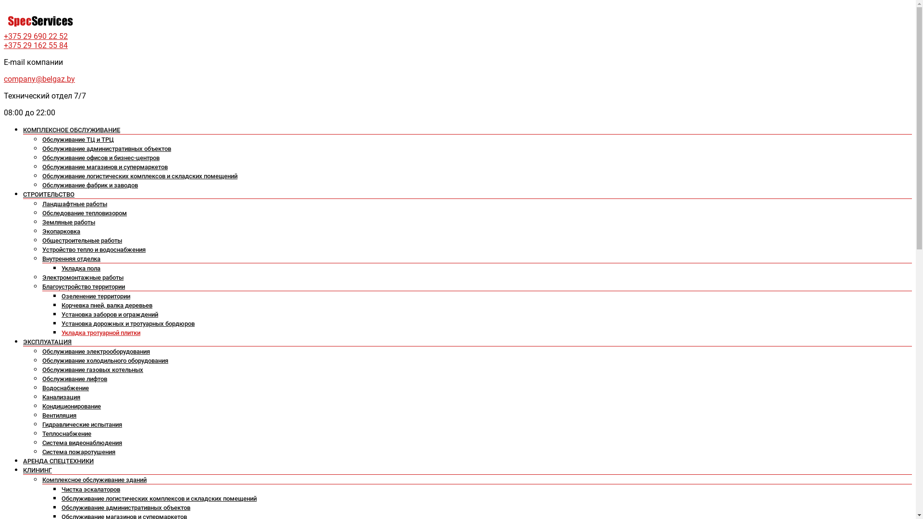 The image size is (923, 519). Describe the element at coordinates (36, 45) in the screenshot. I see `'+375 29 162 55 84'` at that location.